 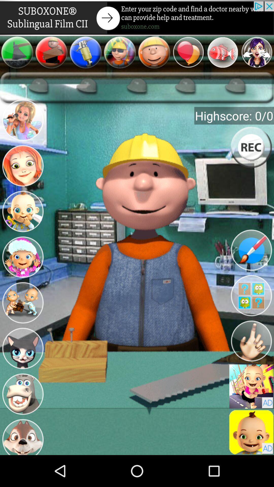 What do you see at coordinates (85, 56) in the screenshot?
I see `the avatar icon` at bounding box center [85, 56].